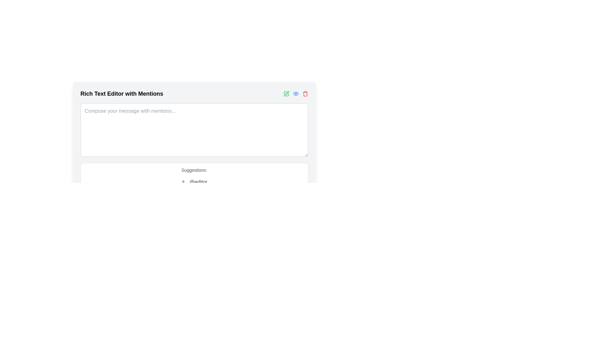 The height and width of the screenshot is (341, 607). I want to click on text in the text area styled with a white background and gray border, located below the 'Rich Text Editor with Mentions' title area, so click(194, 130).